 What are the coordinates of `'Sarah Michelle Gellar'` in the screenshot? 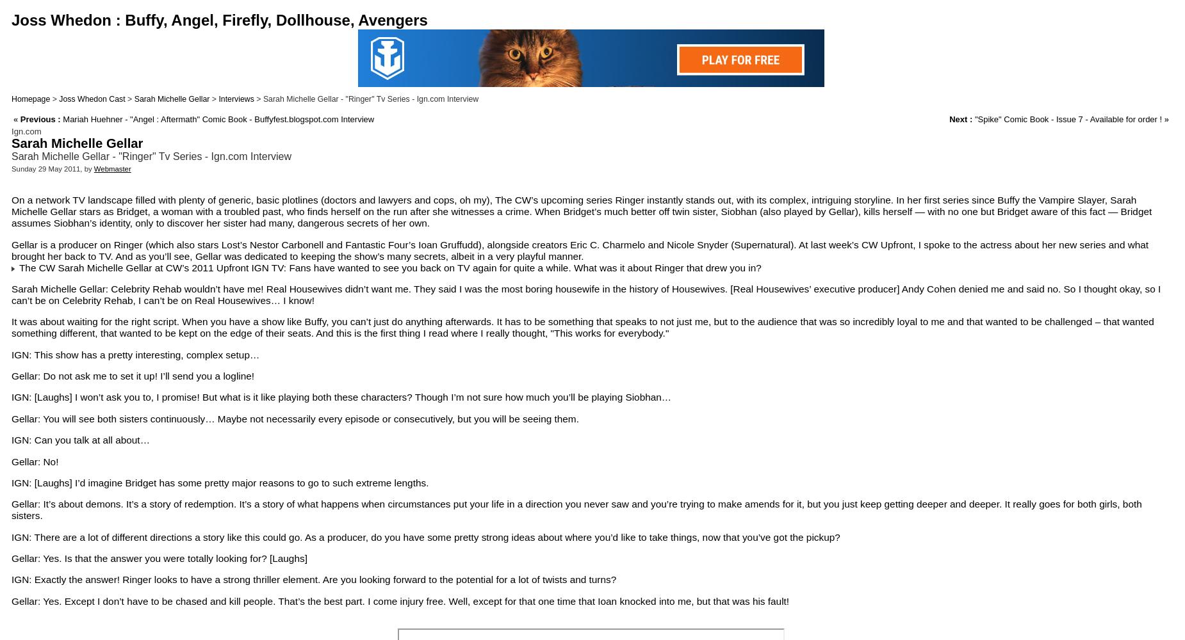 It's located at (133, 99).